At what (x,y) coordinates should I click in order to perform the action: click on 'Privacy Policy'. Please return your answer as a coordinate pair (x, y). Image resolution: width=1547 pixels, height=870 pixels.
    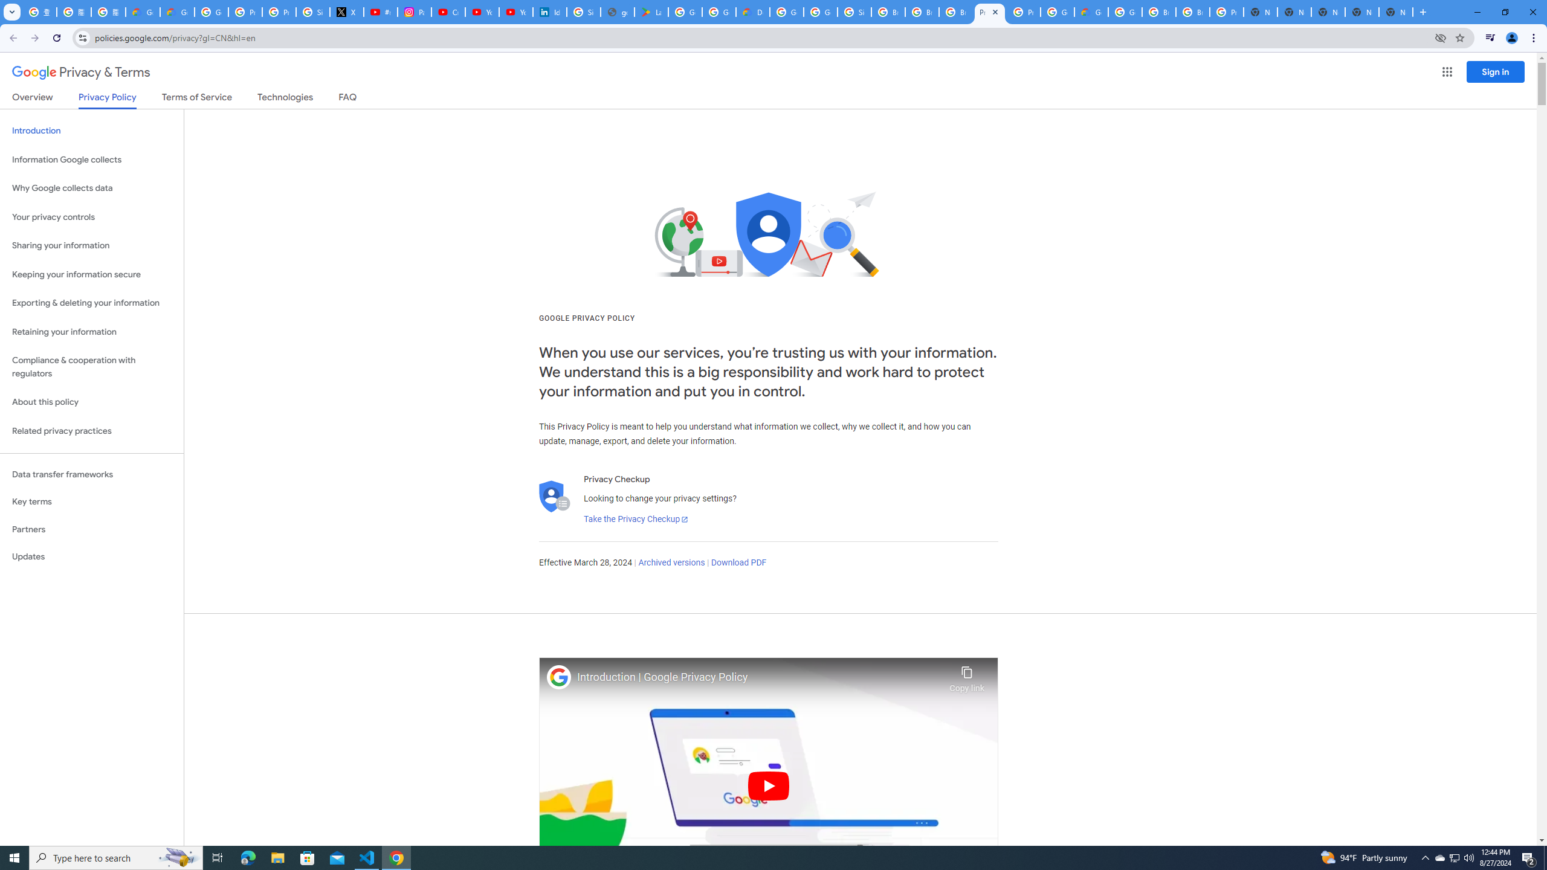
    Looking at the image, I should click on (106, 100).